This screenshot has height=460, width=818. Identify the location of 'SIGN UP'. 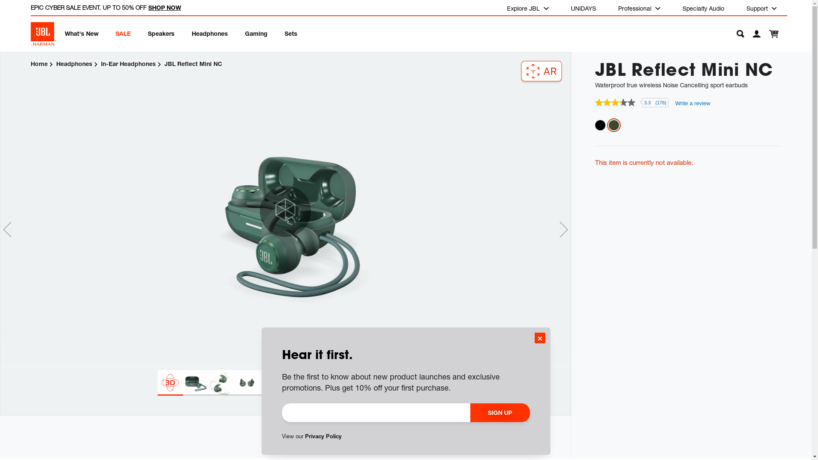
(500, 412).